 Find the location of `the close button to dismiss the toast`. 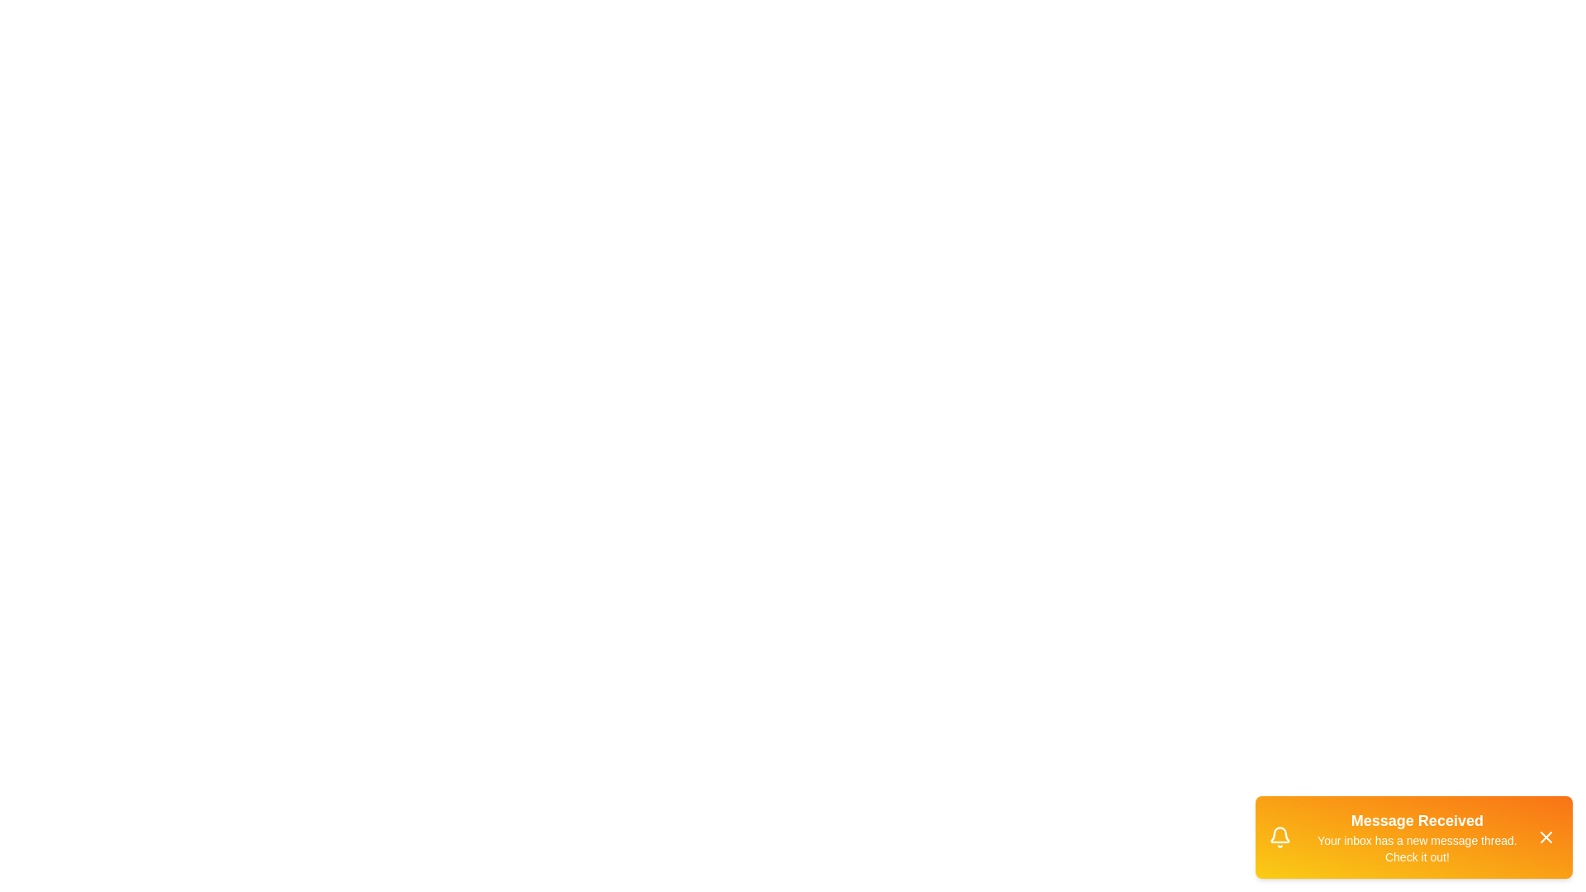

the close button to dismiss the toast is located at coordinates (1546, 837).